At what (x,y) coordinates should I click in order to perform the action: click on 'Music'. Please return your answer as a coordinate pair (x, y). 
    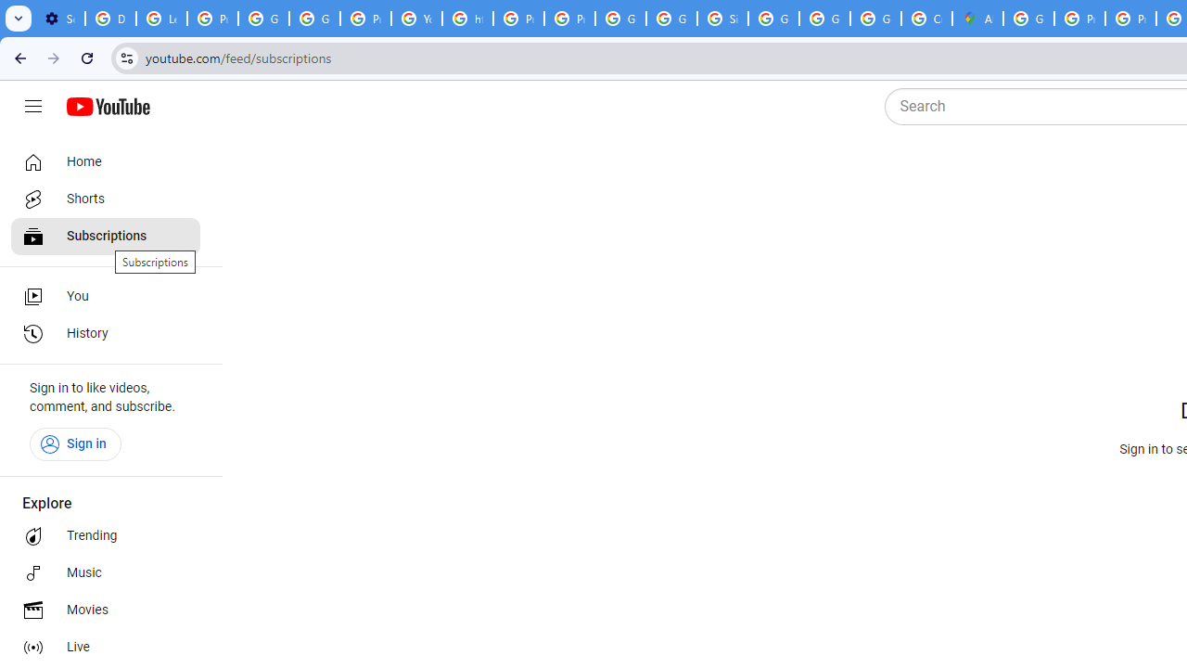
    Looking at the image, I should click on (104, 572).